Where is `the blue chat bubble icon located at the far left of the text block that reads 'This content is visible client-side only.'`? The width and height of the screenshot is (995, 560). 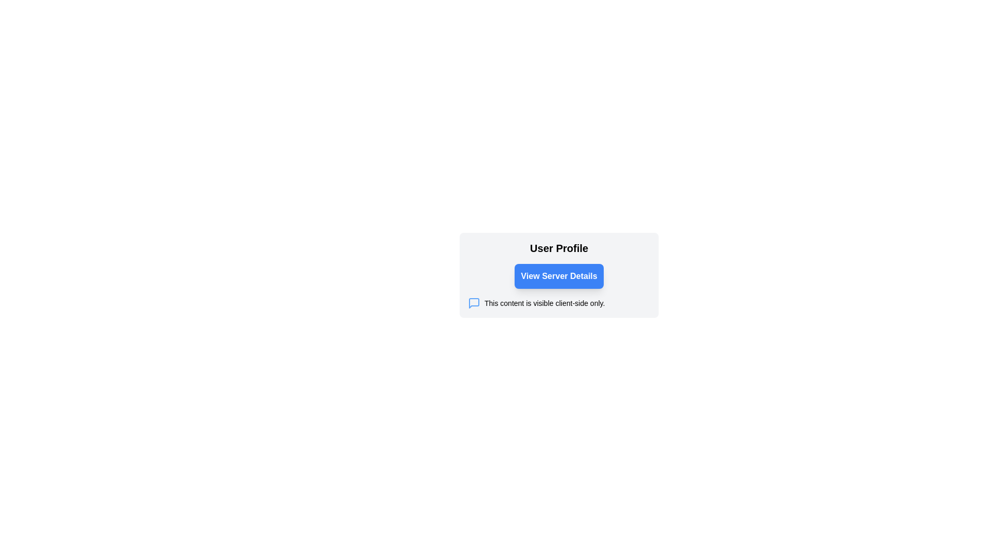
the blue chat bubble icon located at the far left of the text block that reads 'This content is visible client-side only.' is located at coordinates (474, 303).